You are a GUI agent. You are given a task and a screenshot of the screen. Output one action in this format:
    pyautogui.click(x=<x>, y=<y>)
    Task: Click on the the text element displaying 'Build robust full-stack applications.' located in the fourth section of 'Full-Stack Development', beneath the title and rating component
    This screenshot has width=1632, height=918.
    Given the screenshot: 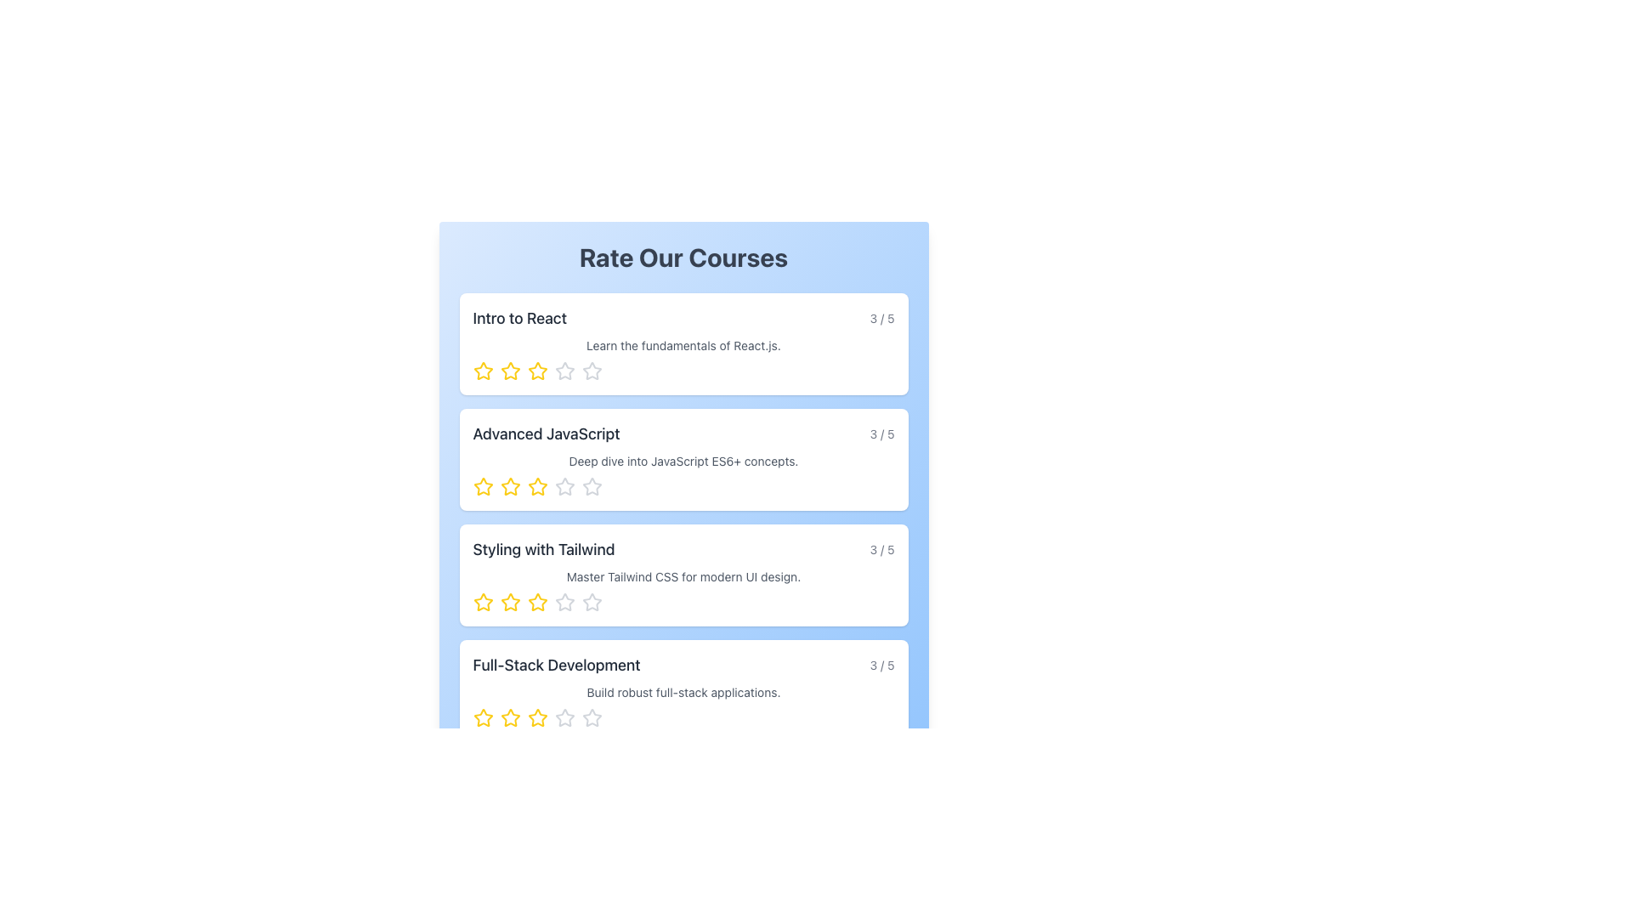 What is the action you would take?
    pyautogui.click(x=683, y=692)
    